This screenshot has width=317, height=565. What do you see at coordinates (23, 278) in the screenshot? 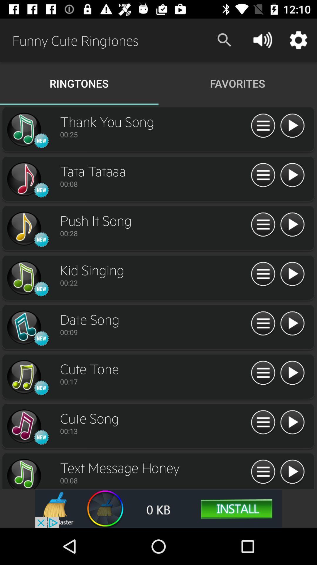
I see `kid singing` at bounding box center [23, 278].